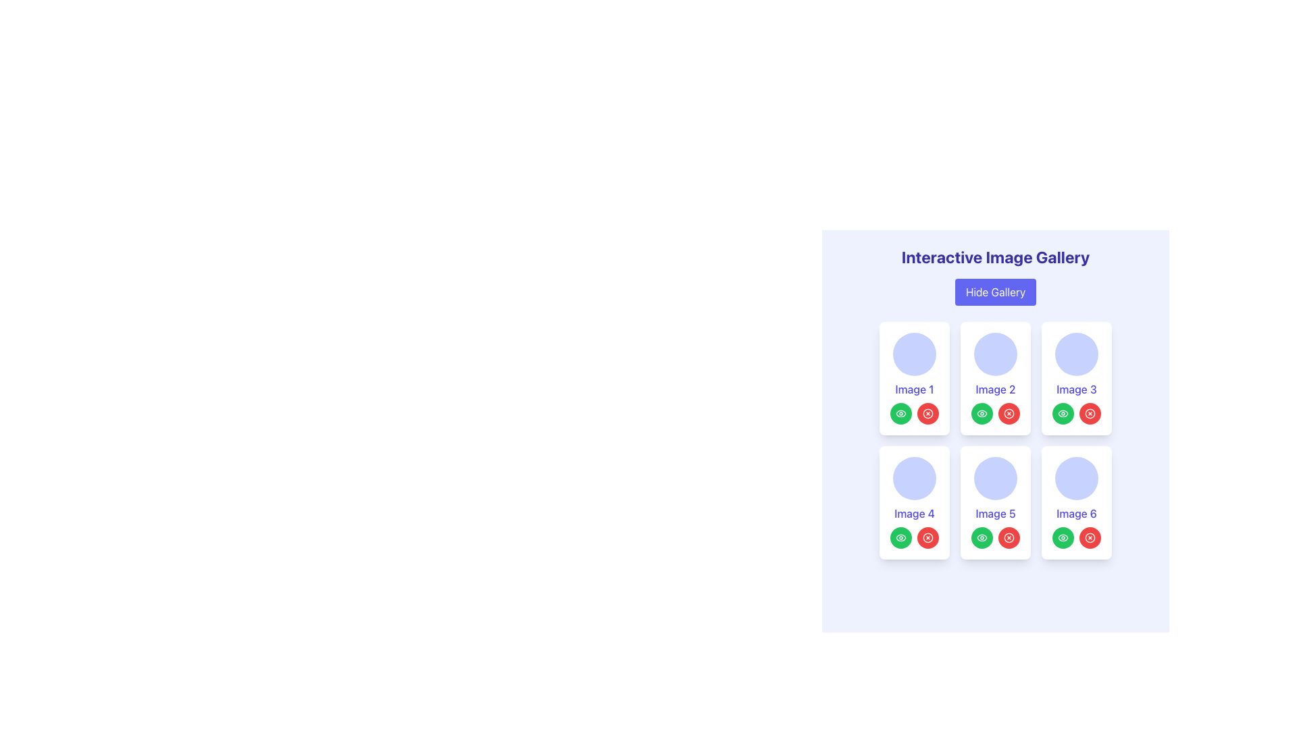 The width and height of the screenshot is (1297, 729). What do you see at coordinates (1075, 502) in the screenshot?
I see `the sixth card element in the gallery layout` at bounding box center [1075, 502].